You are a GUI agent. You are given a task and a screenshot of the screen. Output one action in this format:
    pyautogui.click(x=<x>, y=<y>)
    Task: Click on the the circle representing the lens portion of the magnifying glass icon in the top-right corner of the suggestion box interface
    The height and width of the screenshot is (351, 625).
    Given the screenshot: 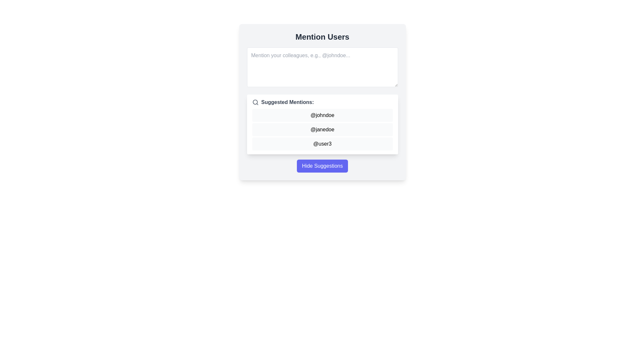 What is the action you would take?
    pyautogui.click(x=255, y=102)
    